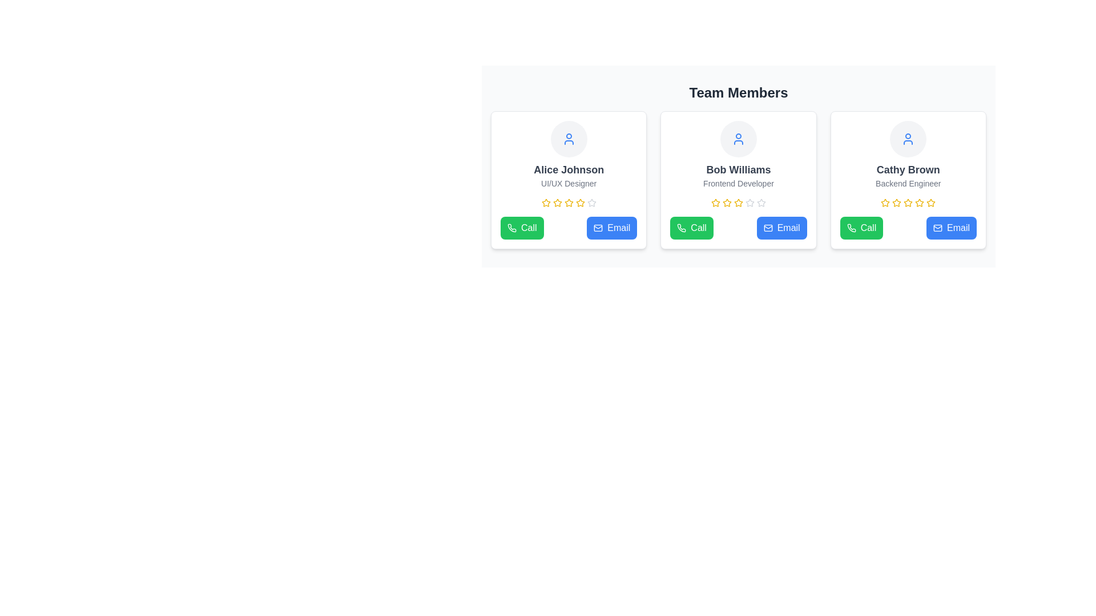  What do you see at coordinates (715, 202) in the screenshot?
I see `the second star icon in the 5-star rating scale under the 'Bob Williams - Frontend Developer' section of the profile card` at bounding box center [715, 202].